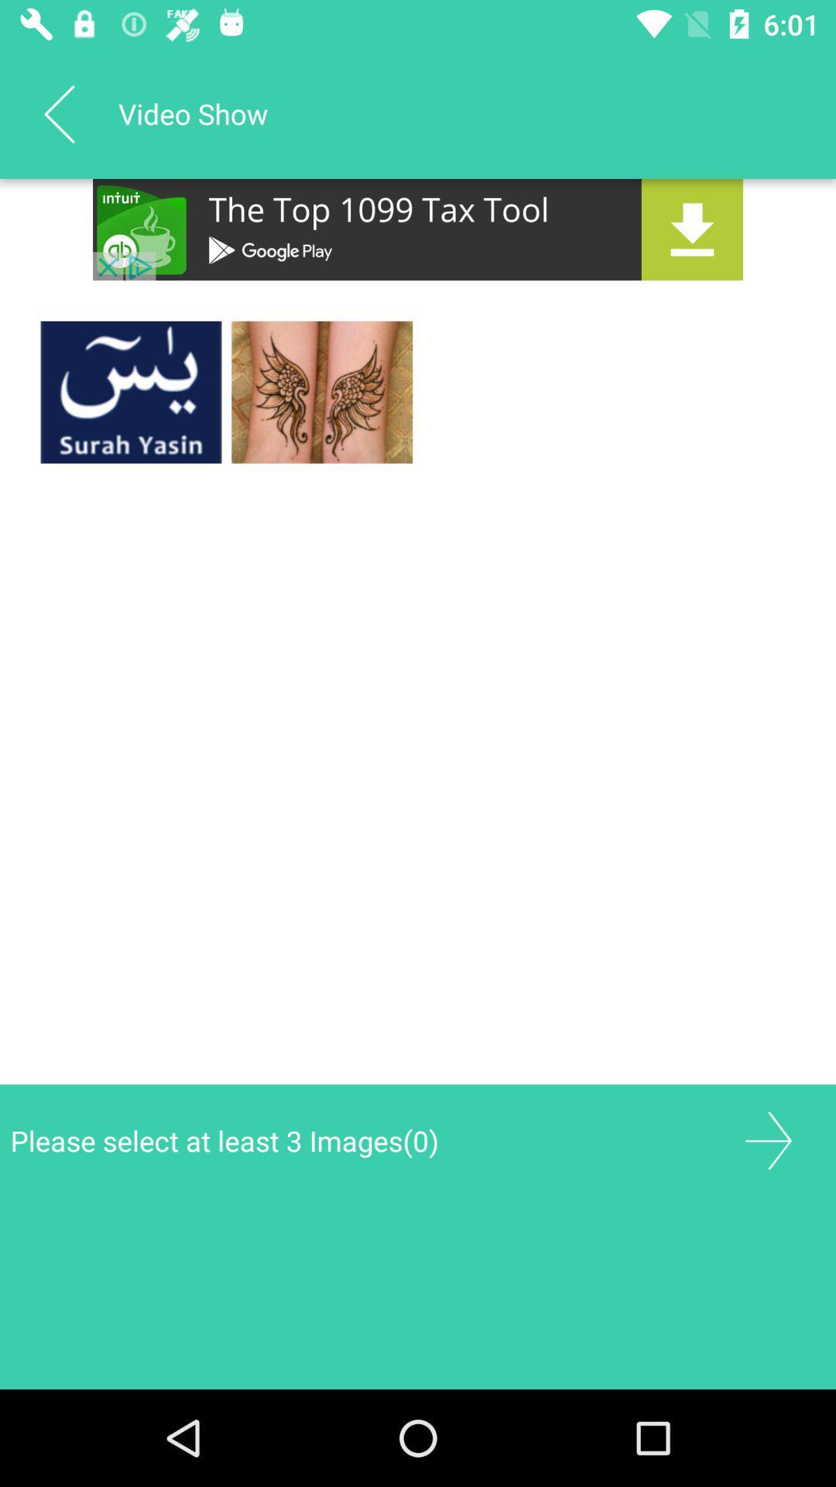 The image size is (836, 1487). I want to click on go back, so click(58, 113).